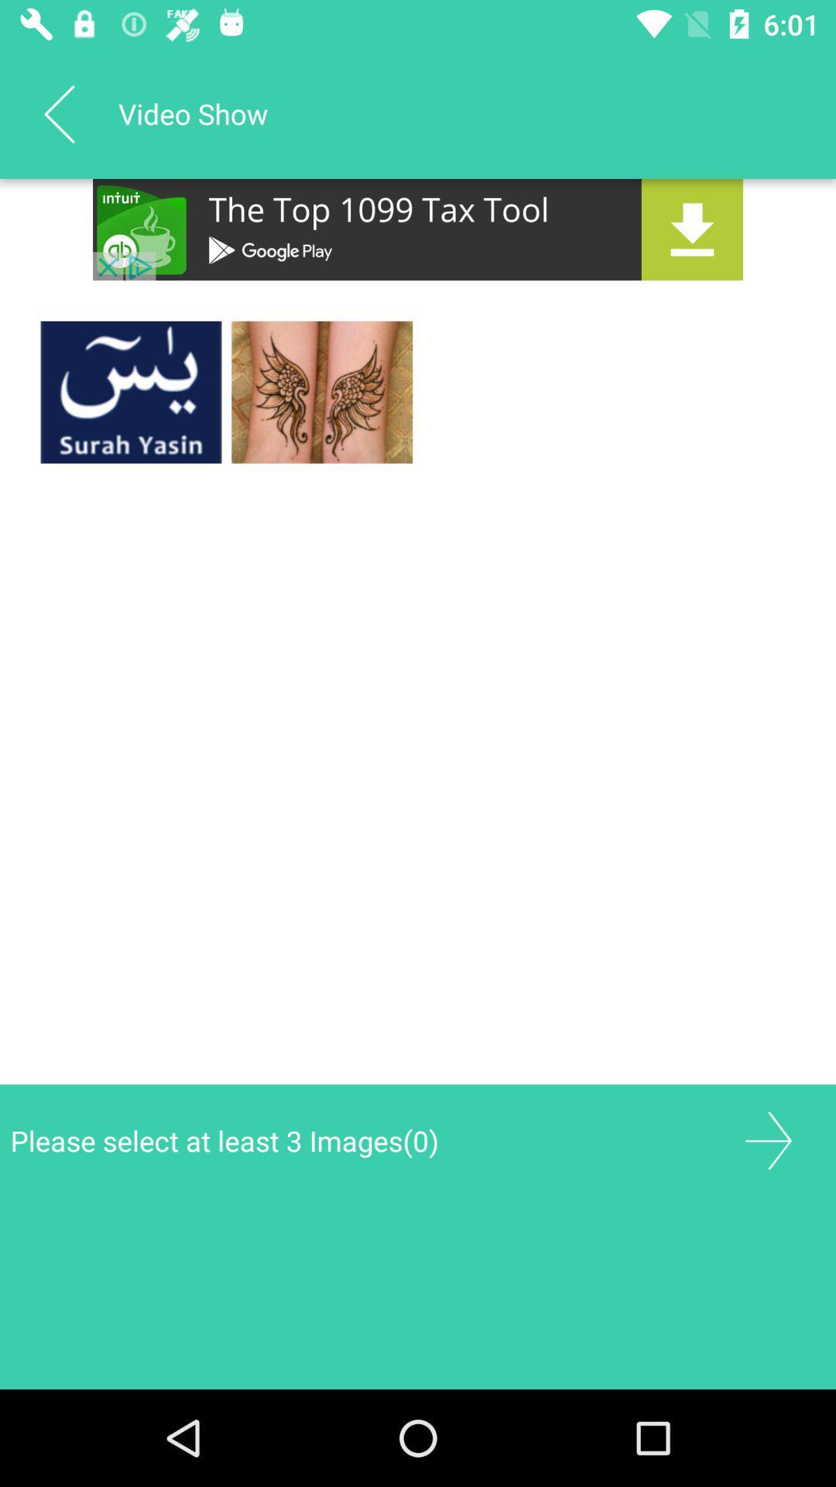 The image size is (836, 1487). I want to click on go back, so click(58, 113).